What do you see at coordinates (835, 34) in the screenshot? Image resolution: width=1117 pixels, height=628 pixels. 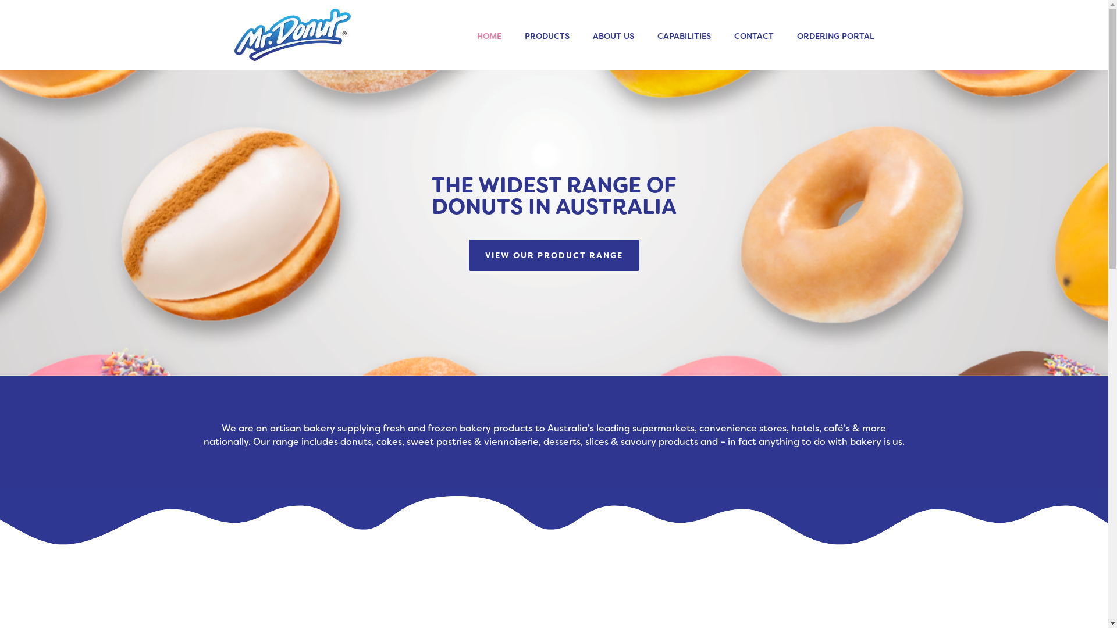 I see `'ORDERING PORTAL'` at bounding box center [835, 34].